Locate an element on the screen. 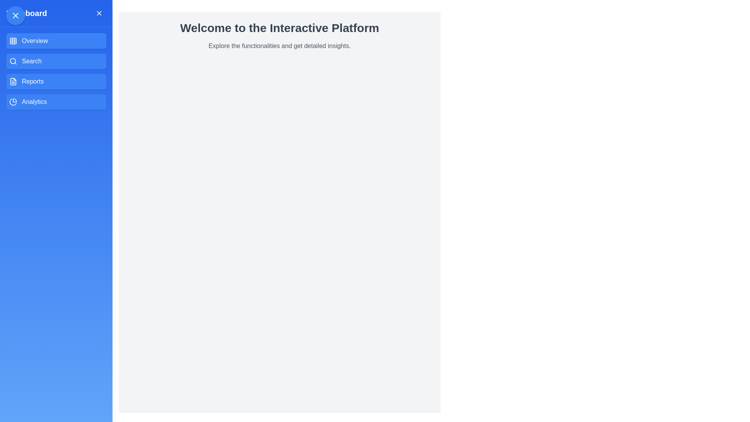 The width and height of the screenshot is (750, 422). the menu option Overview to navigate to the corresponding section is located at coordinates (56, 41).